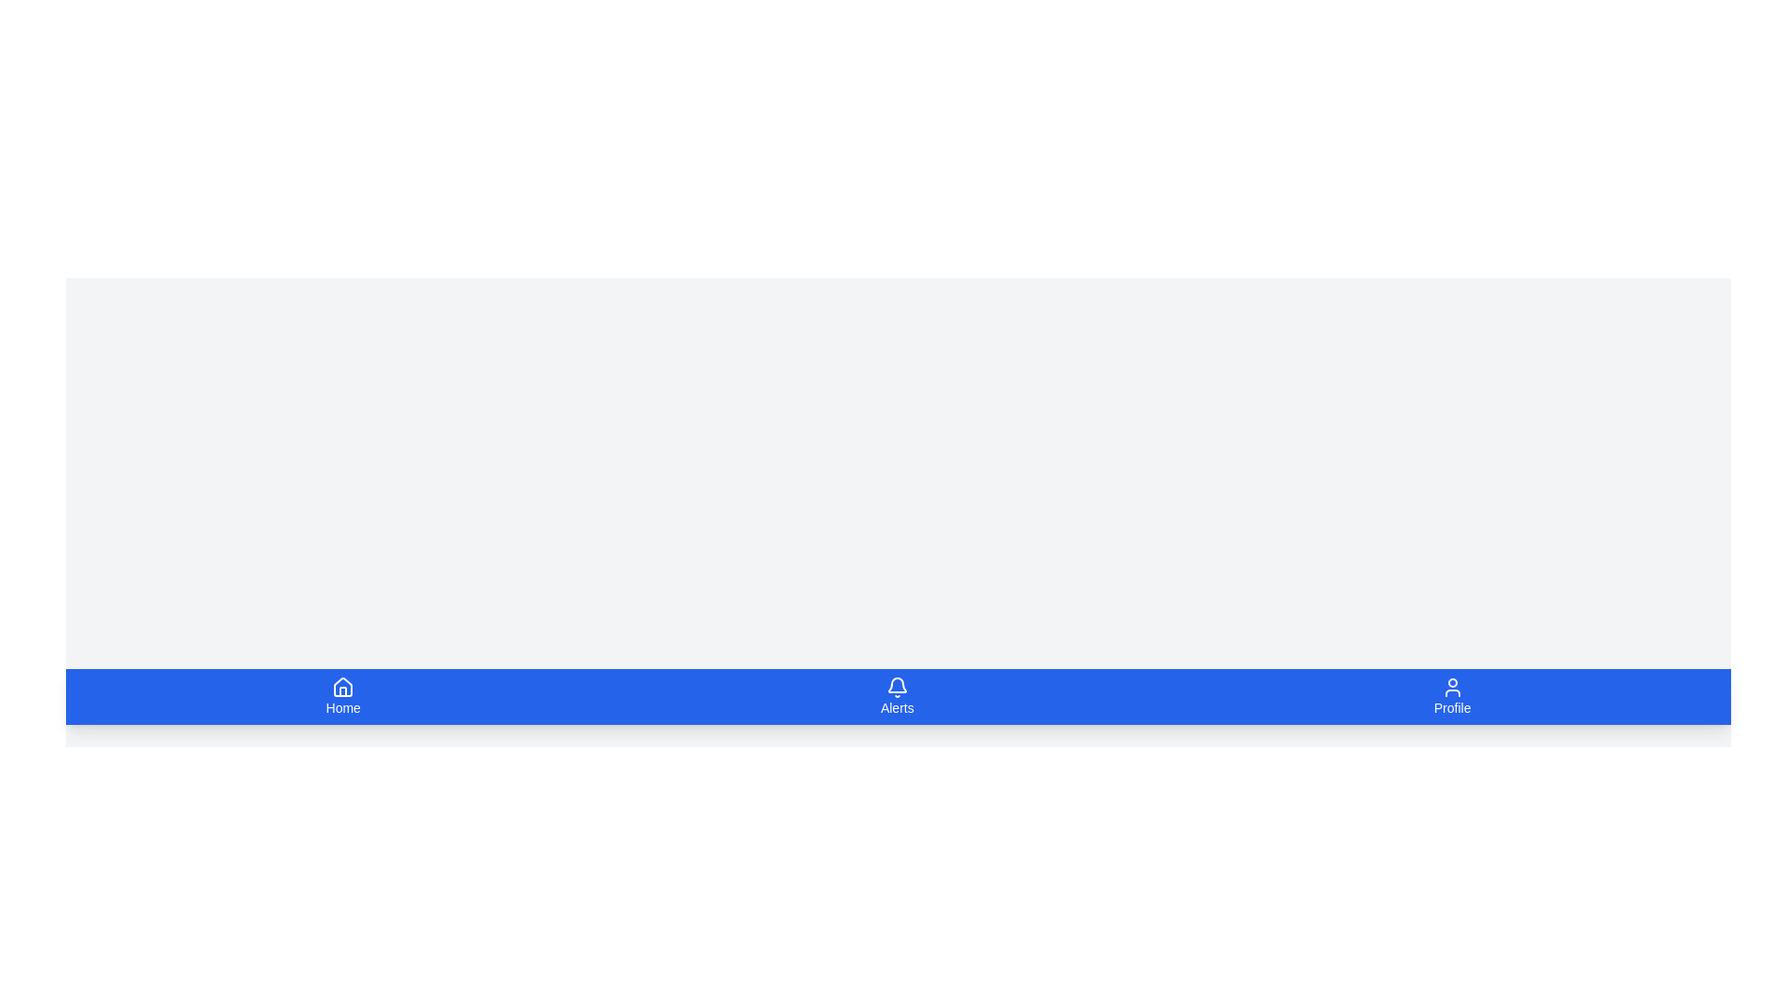 This screenshot has width=1786, height=1005. Describe the element at coordinates (897, 688) in the screenshot. I see `the 'Alerts' icon in the bottom navigation bar` at that location.